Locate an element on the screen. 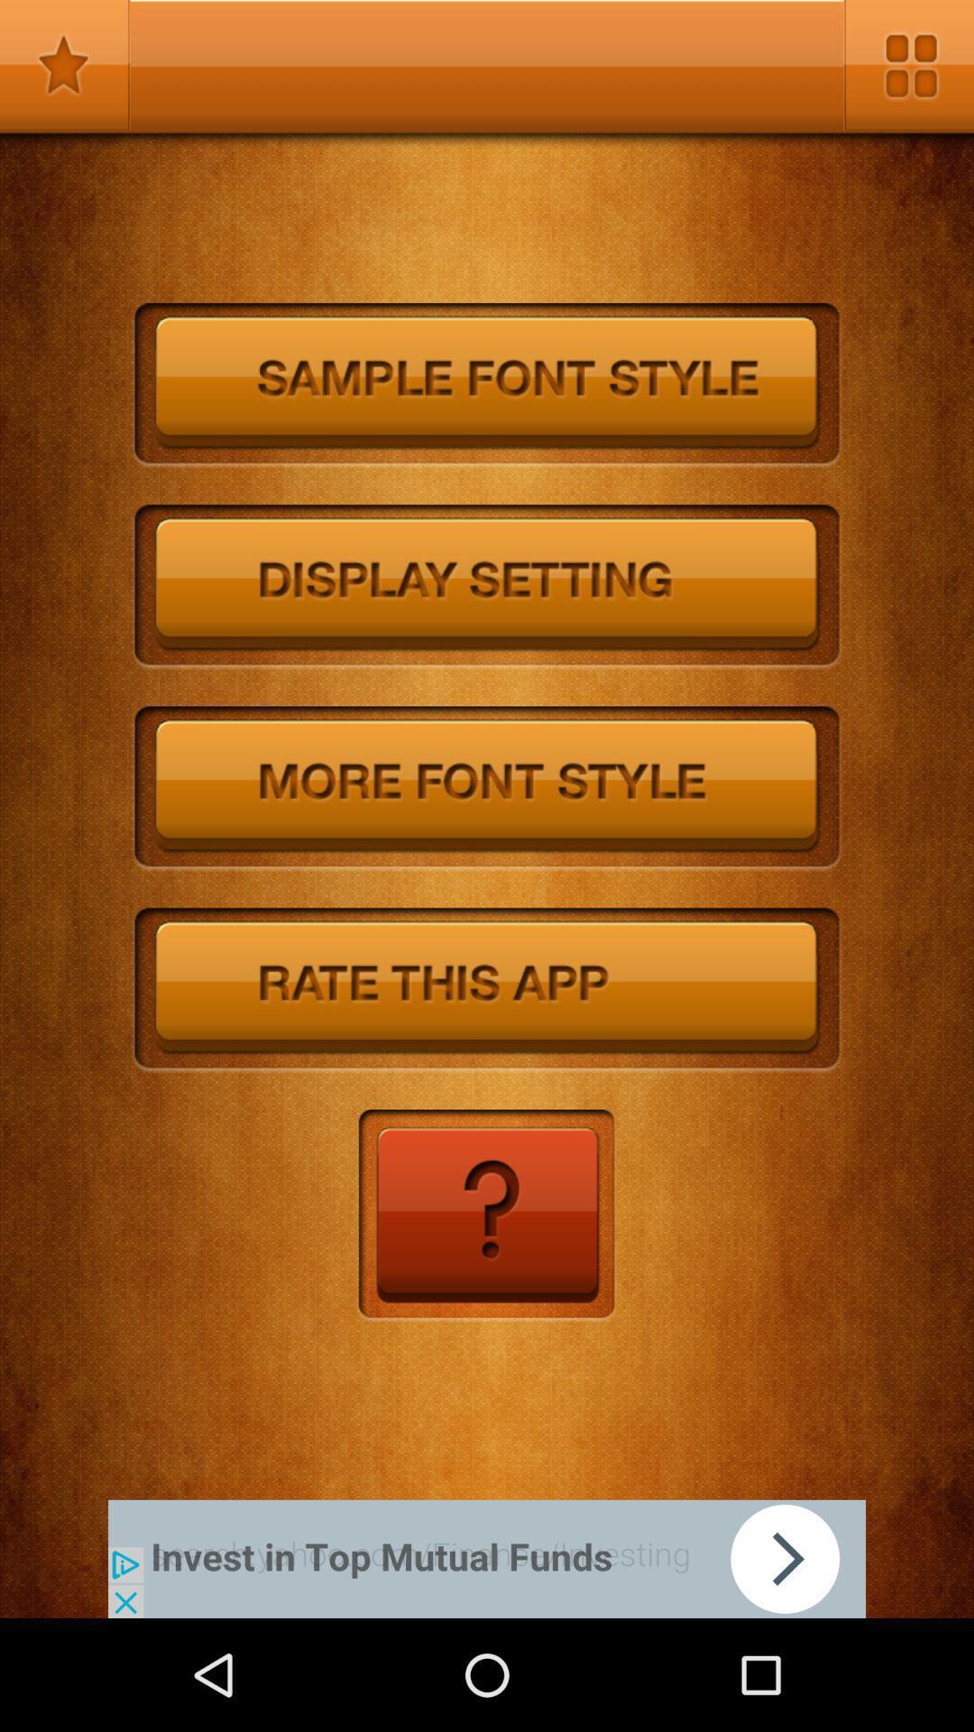 This screenshot has height=1732, width=974. display setting option is located at coordinates (487, 587).